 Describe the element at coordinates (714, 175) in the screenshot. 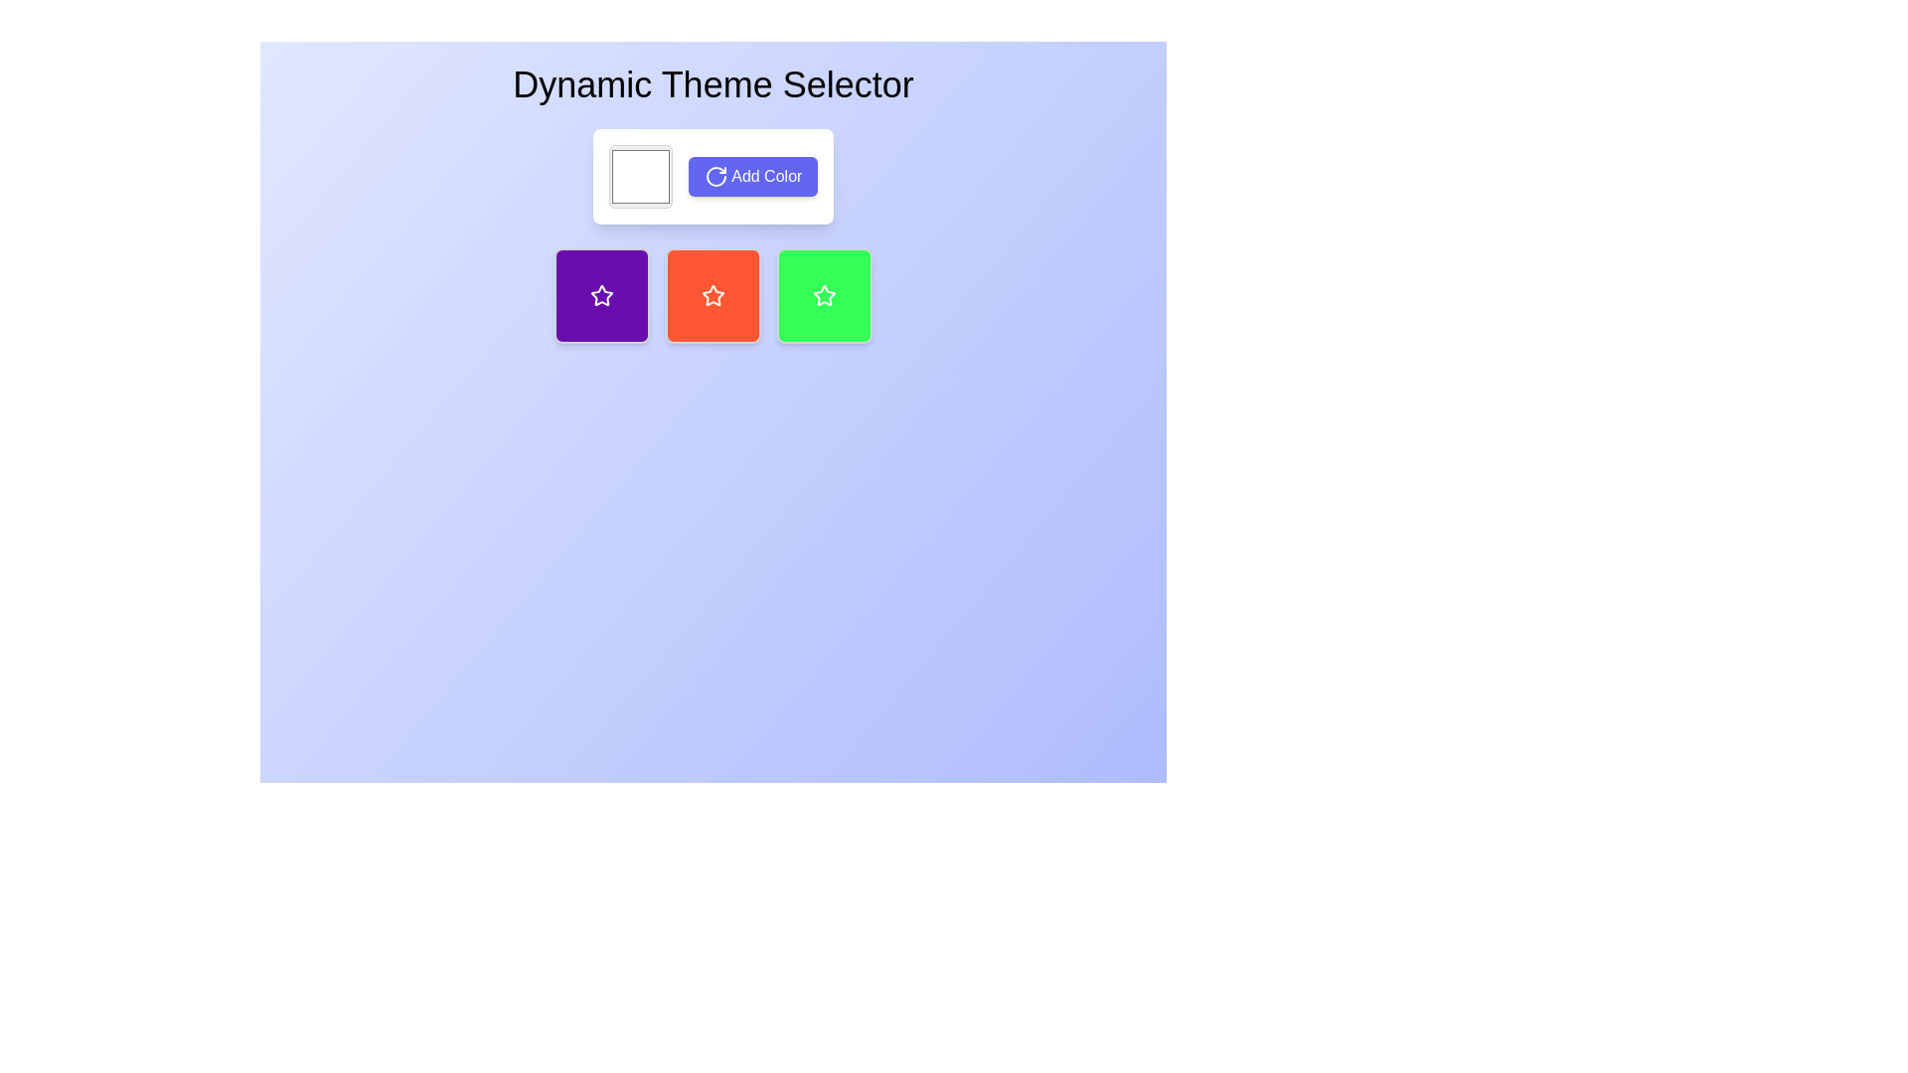

I see `the composite component consisting of a text button labeled 'Add Color', an input box, and a circular arrow icon for interactive feedback` at that location.